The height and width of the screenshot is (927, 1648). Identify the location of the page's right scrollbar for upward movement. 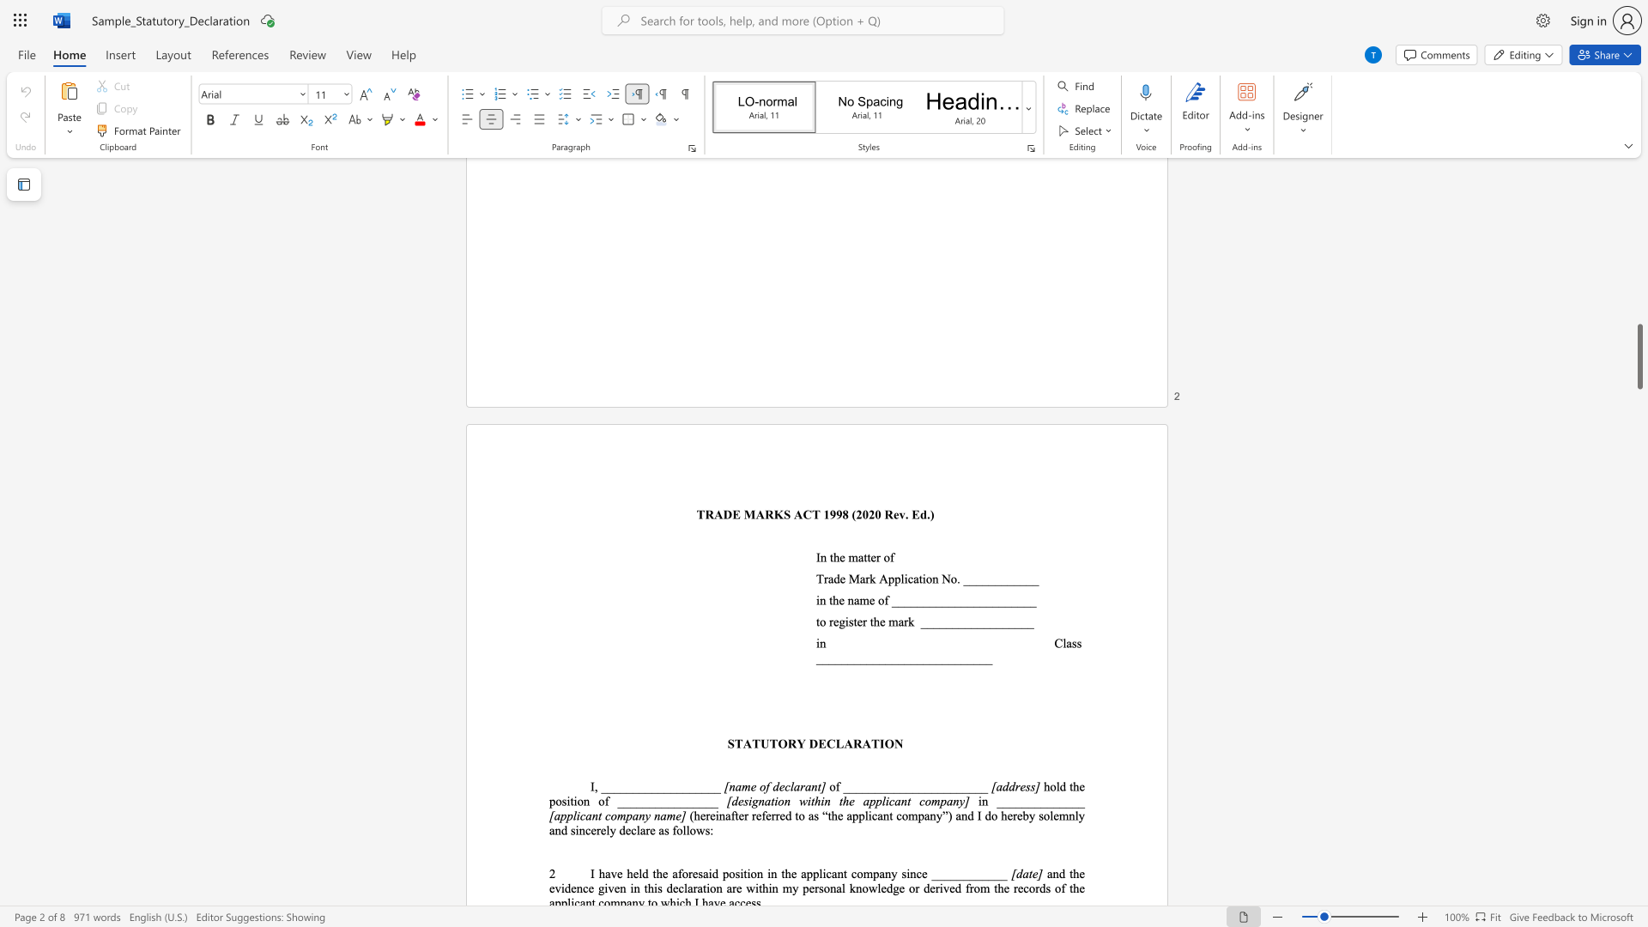
(1639, 582).